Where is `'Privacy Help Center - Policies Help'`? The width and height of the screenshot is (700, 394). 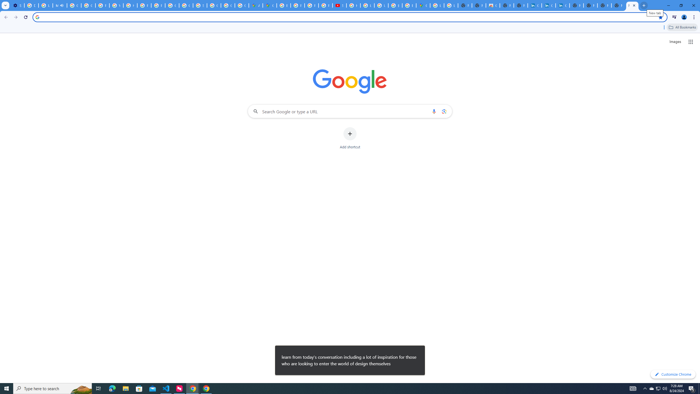
'Privacy Help Center - Policies Help' is located at coordinates (297, 5).